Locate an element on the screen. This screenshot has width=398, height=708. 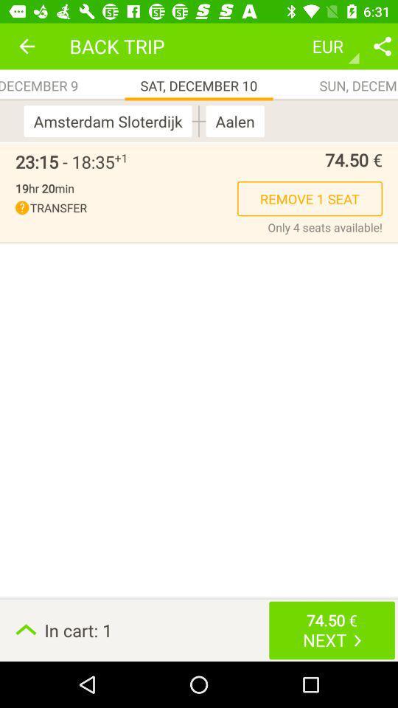
the icon to the left of the remove 1 seat item is located at coordinates (126, 207).